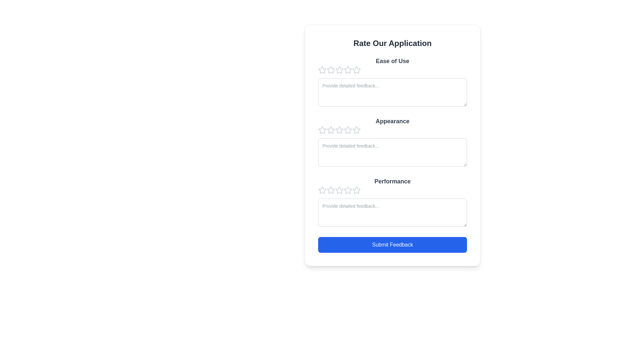  Describe the element at coordinates (392, 121) in the screenshot. I see `text label that serves as a heading for the 'Appearance' rating section, positioned within the 'Rate Our Application' form, which is the second label in the series` at that location.